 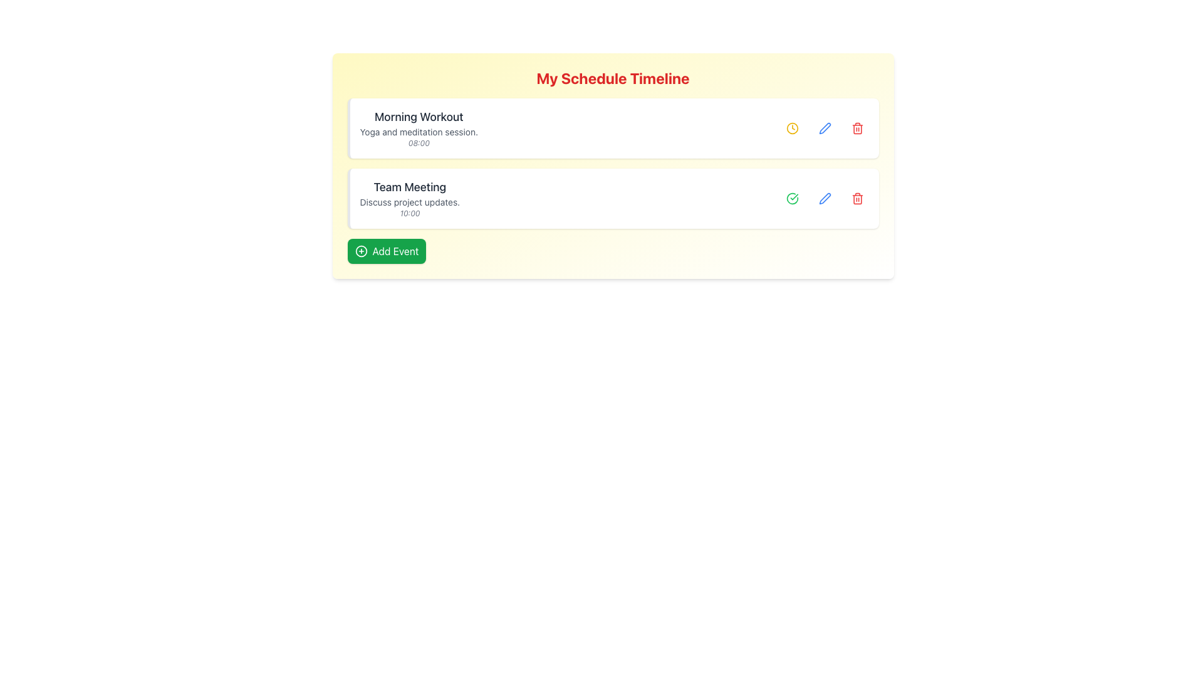 I want to click on the text label displaying the time '10:00' in italic style, which is gray and located below the event description for 'Team Meeting', so click(x=410, y=213).